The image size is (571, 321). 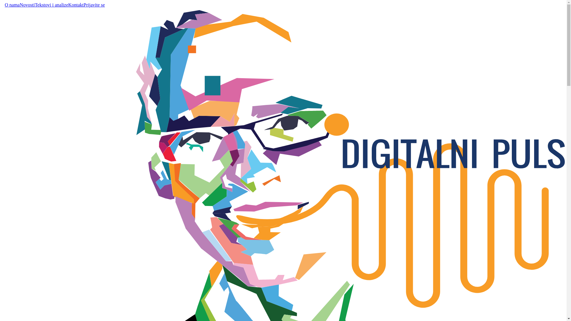 What do you see at coordinates (20, 5) in the screenshot?
I see `'Novosti'` at bounding box center [20, 5].